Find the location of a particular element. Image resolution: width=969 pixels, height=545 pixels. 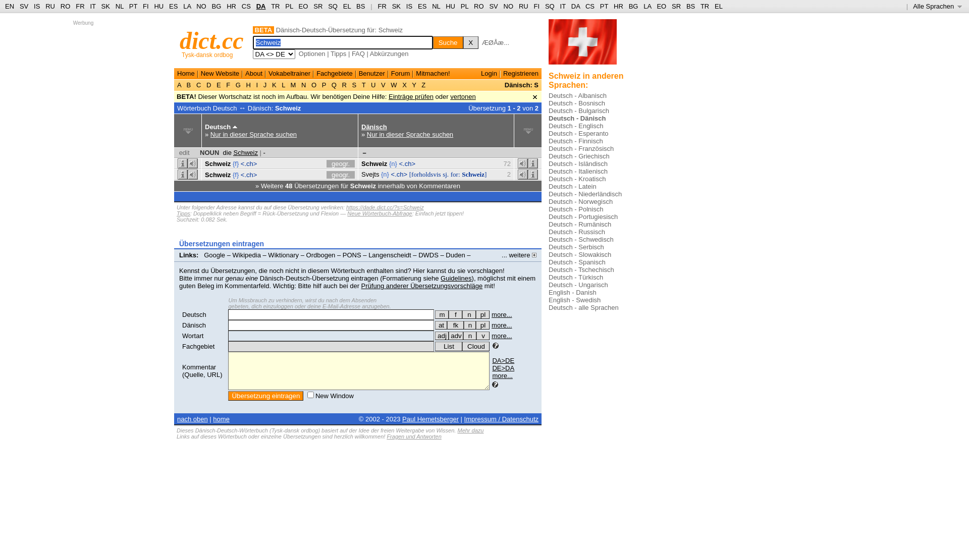

'Langenscheidt' is located at coordinates (389, 254).